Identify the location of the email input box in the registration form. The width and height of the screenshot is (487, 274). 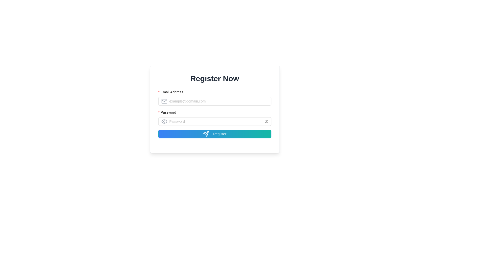
(215, 97).